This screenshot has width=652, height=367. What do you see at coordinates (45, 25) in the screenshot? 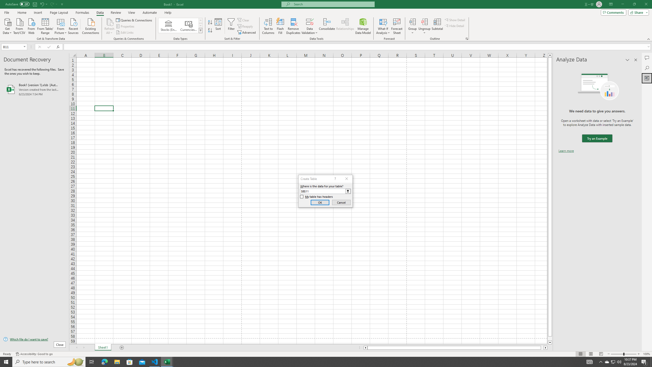
I see `'From Table/Range'` at bounding box center [45, 25].